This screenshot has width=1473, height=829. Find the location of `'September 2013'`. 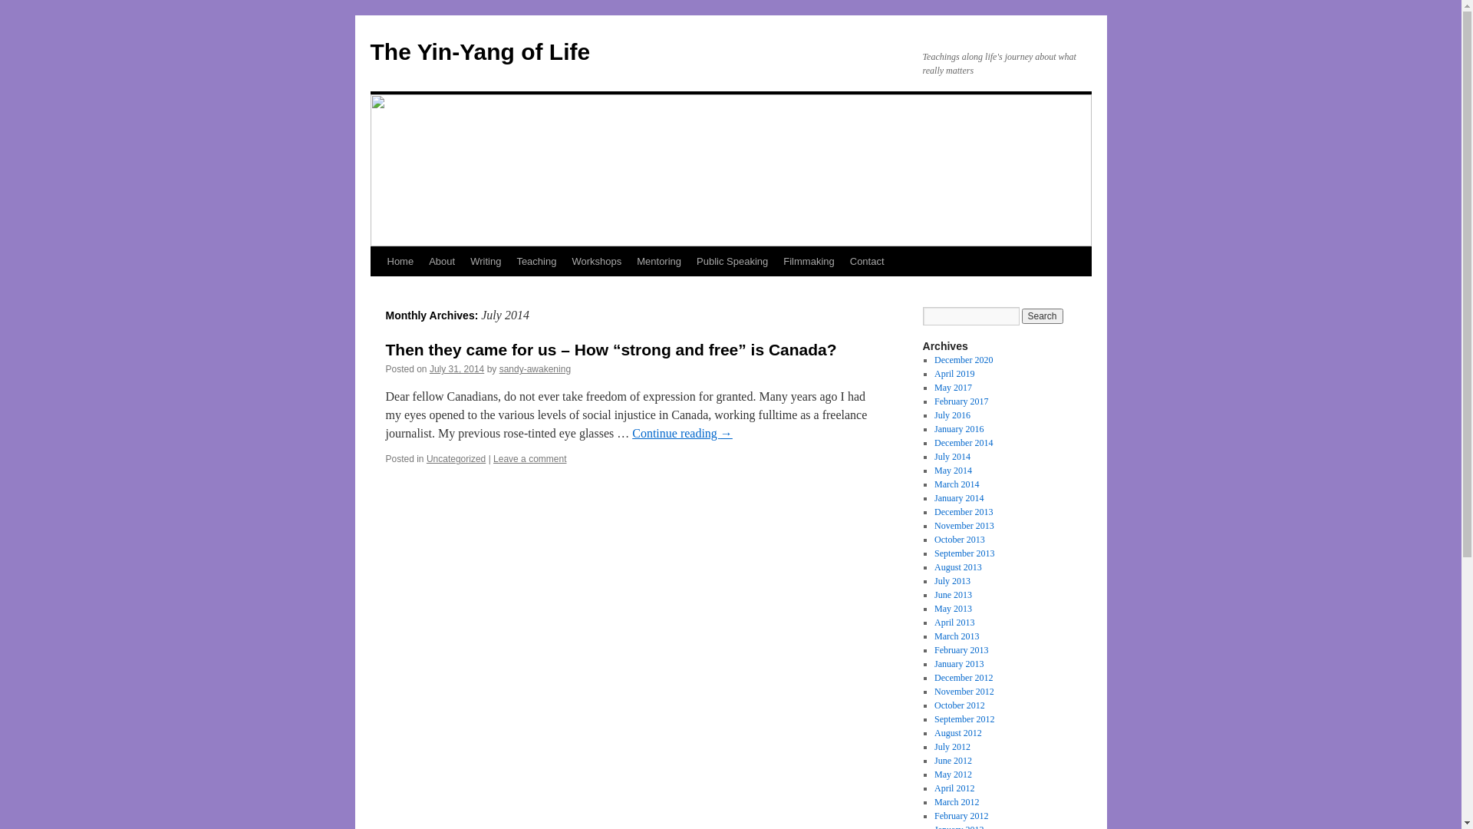

'September 2013' is located at coordinates (964, 553).